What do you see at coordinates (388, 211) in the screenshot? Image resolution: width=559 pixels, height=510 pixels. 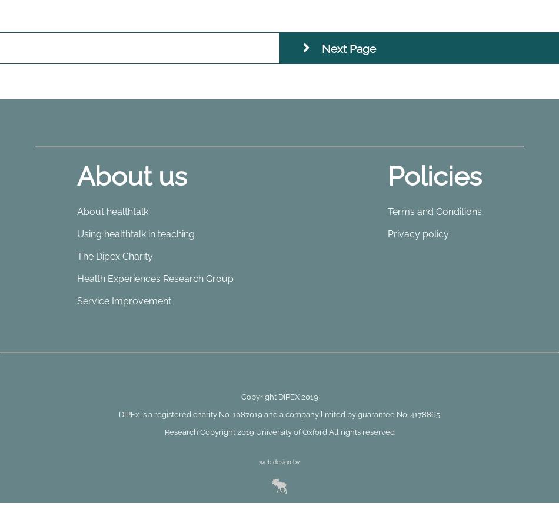 I see `'Terms and Conditions'` at bounding box center [388, 211].